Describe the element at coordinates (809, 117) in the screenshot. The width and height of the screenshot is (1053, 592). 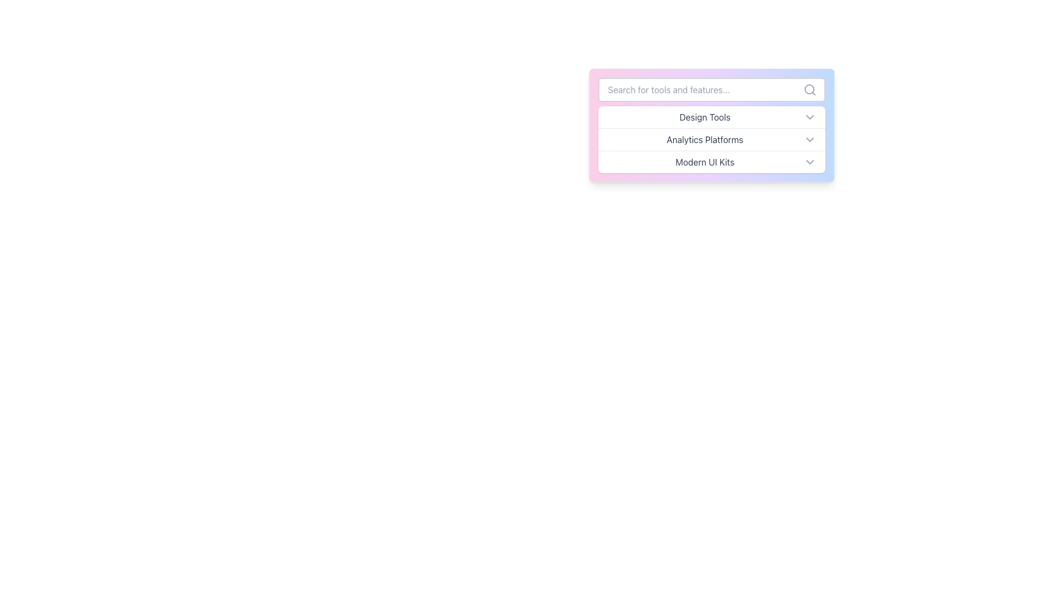
I see `the Chevron Down icon located on the extreme right side of the 'Design Tools' row in the dropdown menu` at that location.